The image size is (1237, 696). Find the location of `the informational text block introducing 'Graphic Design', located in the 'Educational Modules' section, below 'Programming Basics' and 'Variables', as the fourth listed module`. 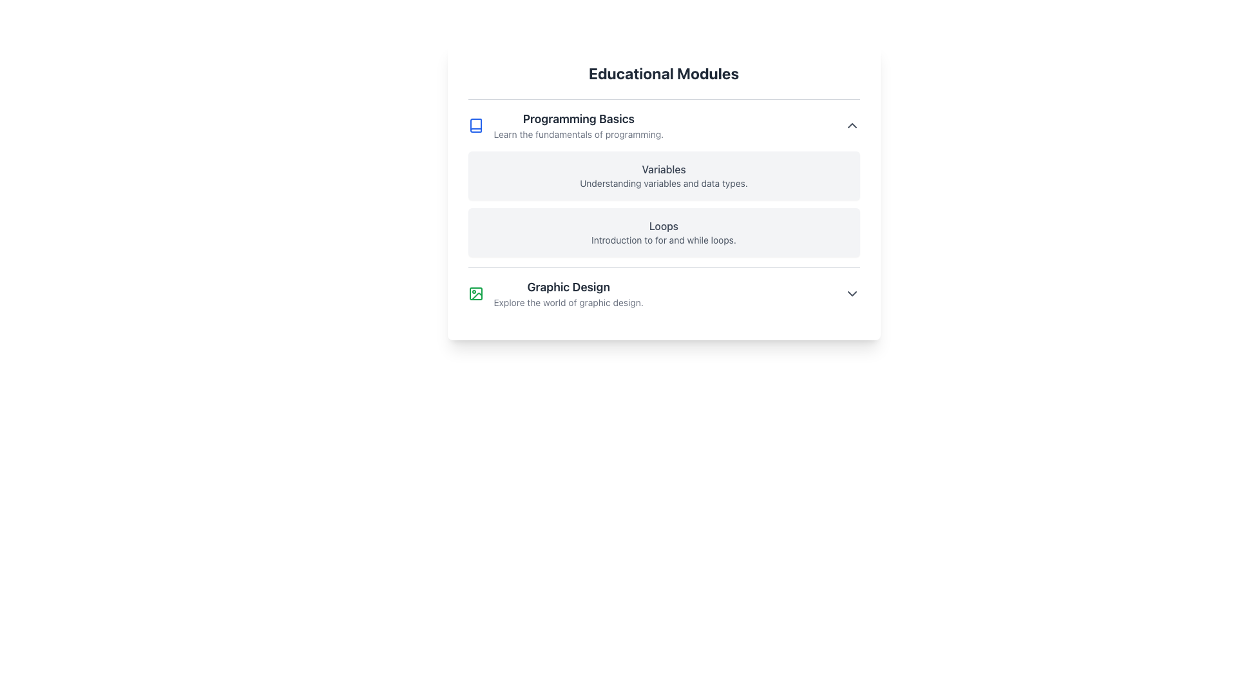

the informational text block introducing 'Graphic Design', located in the 'Educational Modules' section, below 'Programming Basics' and 'Variables', as the fourth listed module is located at coordinates (568, 293).